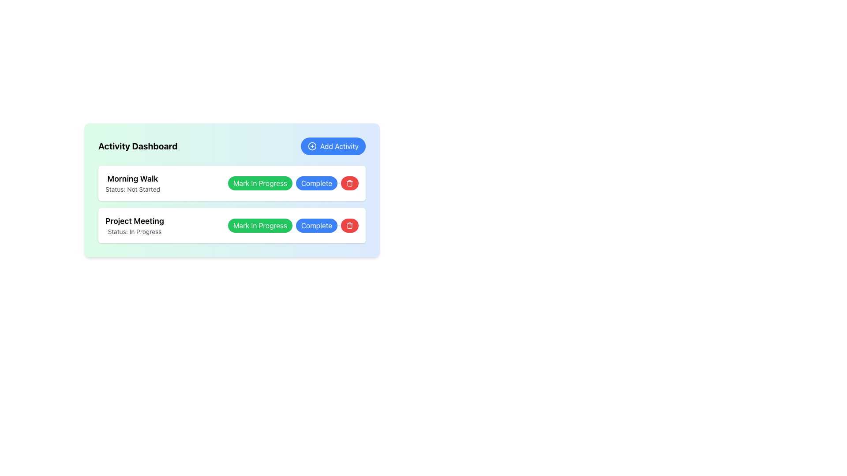  Describe the element at coordinates (134, 220) in the screenshot. I see `the Text Label that serves as the descriptive title for the second activity card in the 'Activity Dashboard', which is positioned above the status text 'Status: In Progress'` at that location.